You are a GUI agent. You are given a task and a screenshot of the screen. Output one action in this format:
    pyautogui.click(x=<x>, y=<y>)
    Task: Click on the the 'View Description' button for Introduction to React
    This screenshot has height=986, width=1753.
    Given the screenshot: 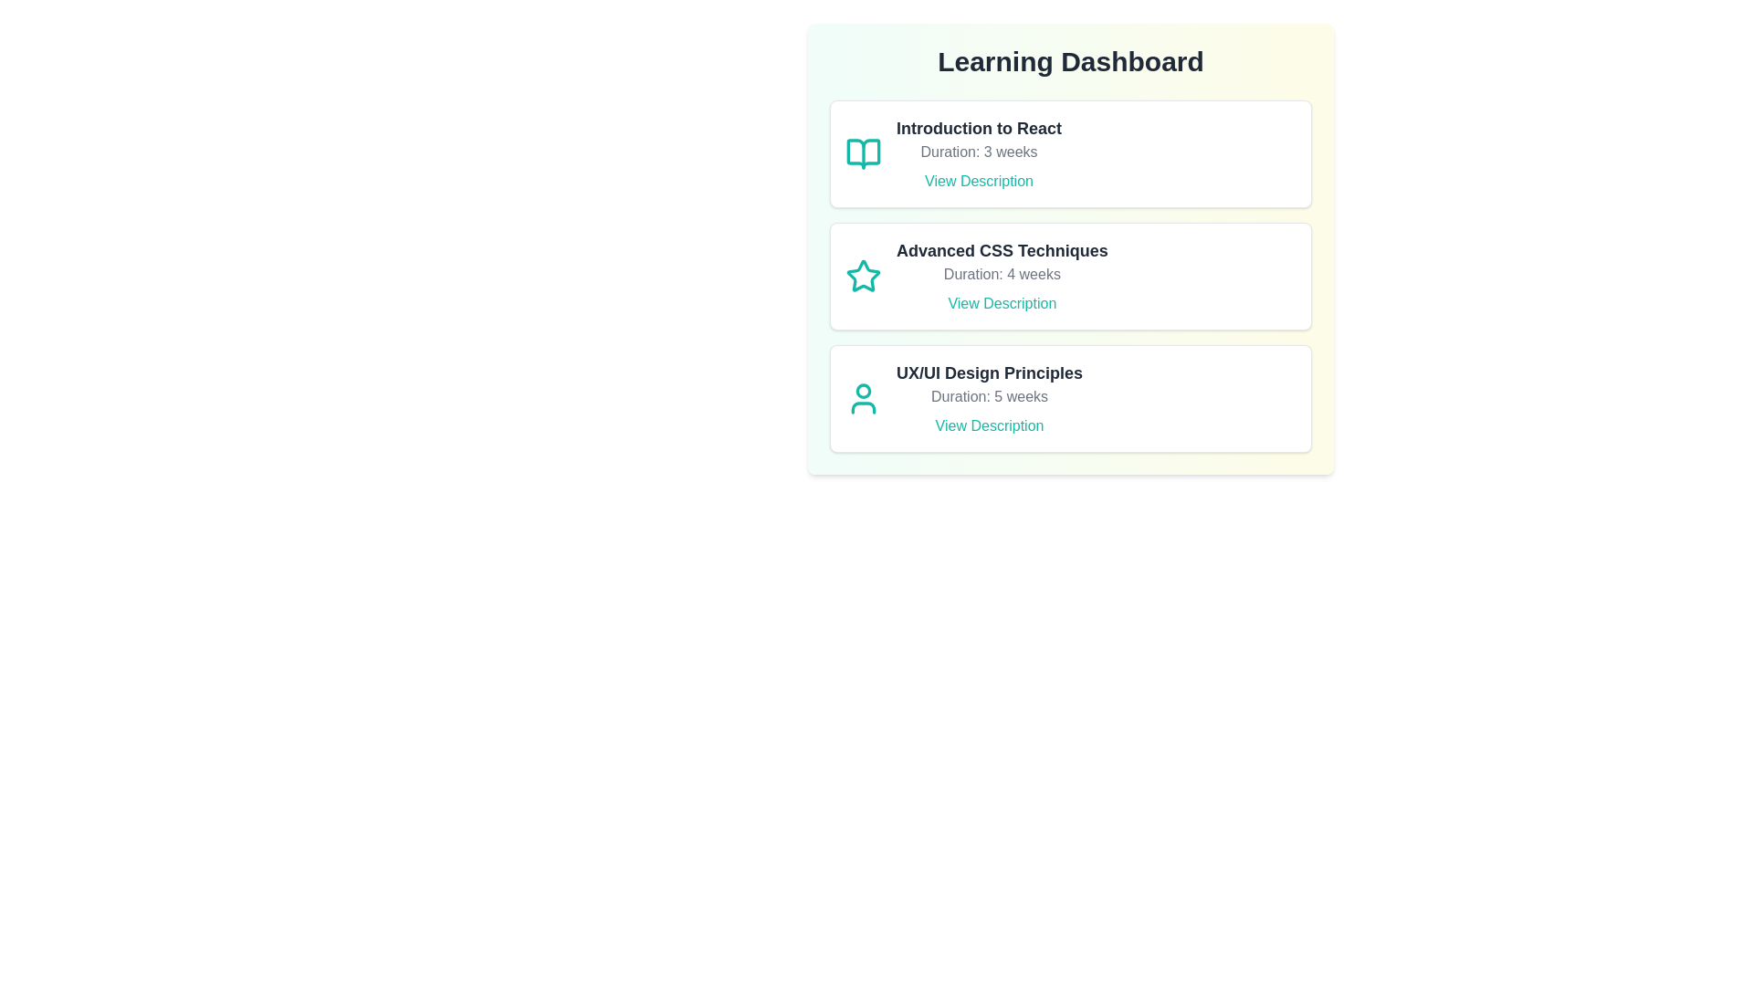 What is the action you would take?
    pyautogui.click(x=978, y=182)
    